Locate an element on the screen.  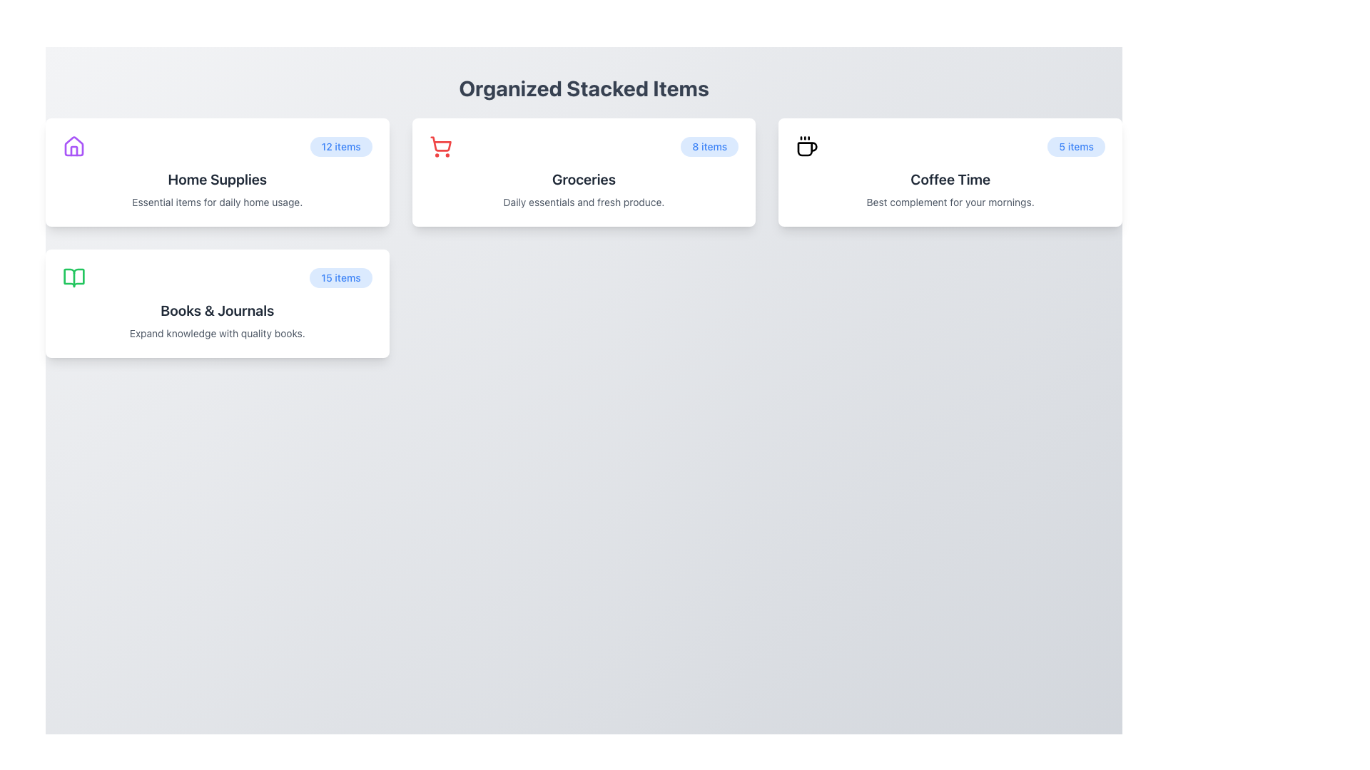
the Card component that serves as a category selector for groceries, located in the center of the grid layout as the second card from the left in the upper row is located at coordinates (584, 172).